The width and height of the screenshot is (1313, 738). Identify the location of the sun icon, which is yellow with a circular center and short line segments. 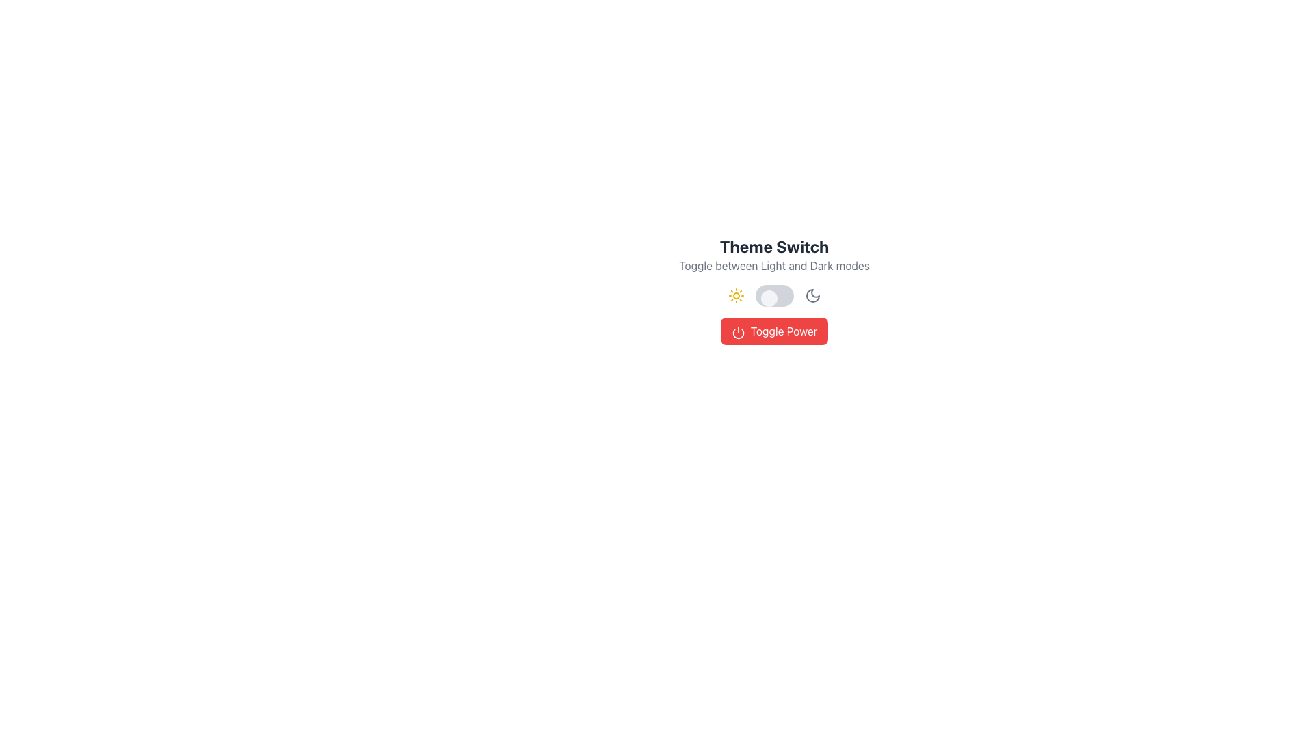
(735, 295).